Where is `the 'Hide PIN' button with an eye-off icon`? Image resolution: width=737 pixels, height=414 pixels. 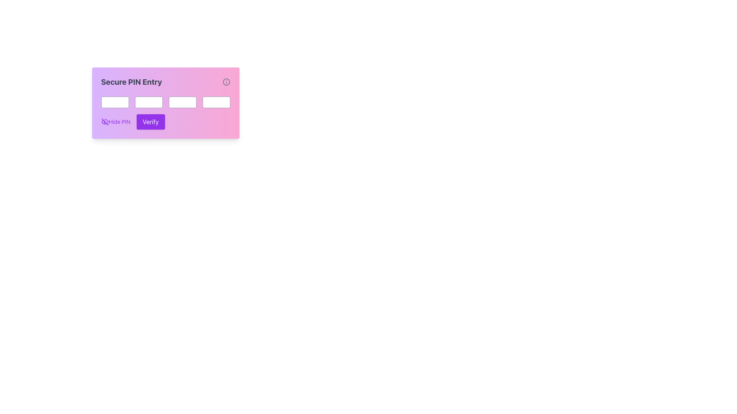 the 'Hide PIN' button with an eye-off icon is located at coordinates (115, 121).